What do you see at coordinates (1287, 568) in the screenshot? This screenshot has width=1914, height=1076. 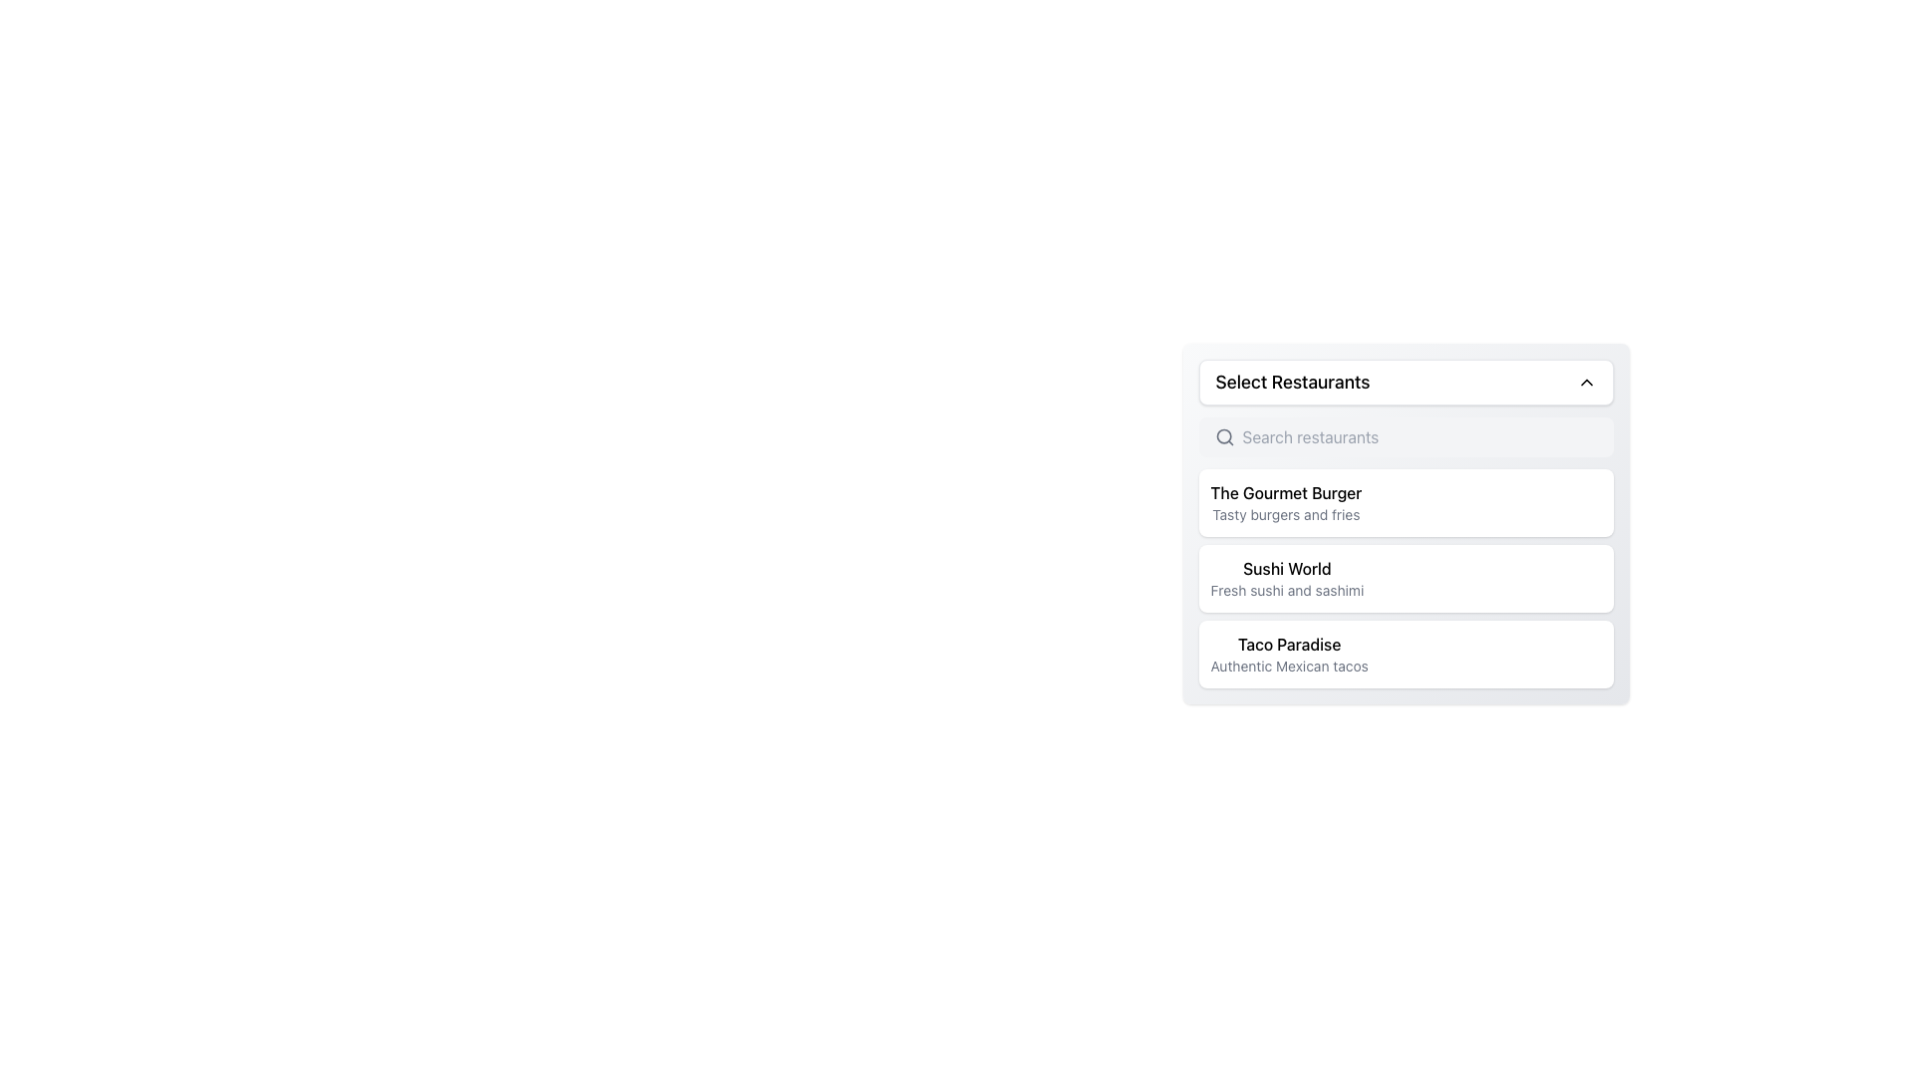 I see `the title text label for the restaurant selection option, positioned above 'Fresh sushi and sashimi' and within a selectable card in the list` at bounding box center [1287, 568].